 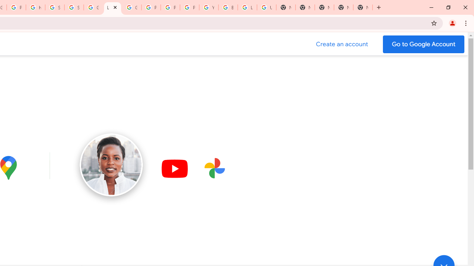 What do you see at coordinates (150, 7) in the screenshot?
I see `'Privacy Help Center - Policies Help'` at bounding box center [150, 7].